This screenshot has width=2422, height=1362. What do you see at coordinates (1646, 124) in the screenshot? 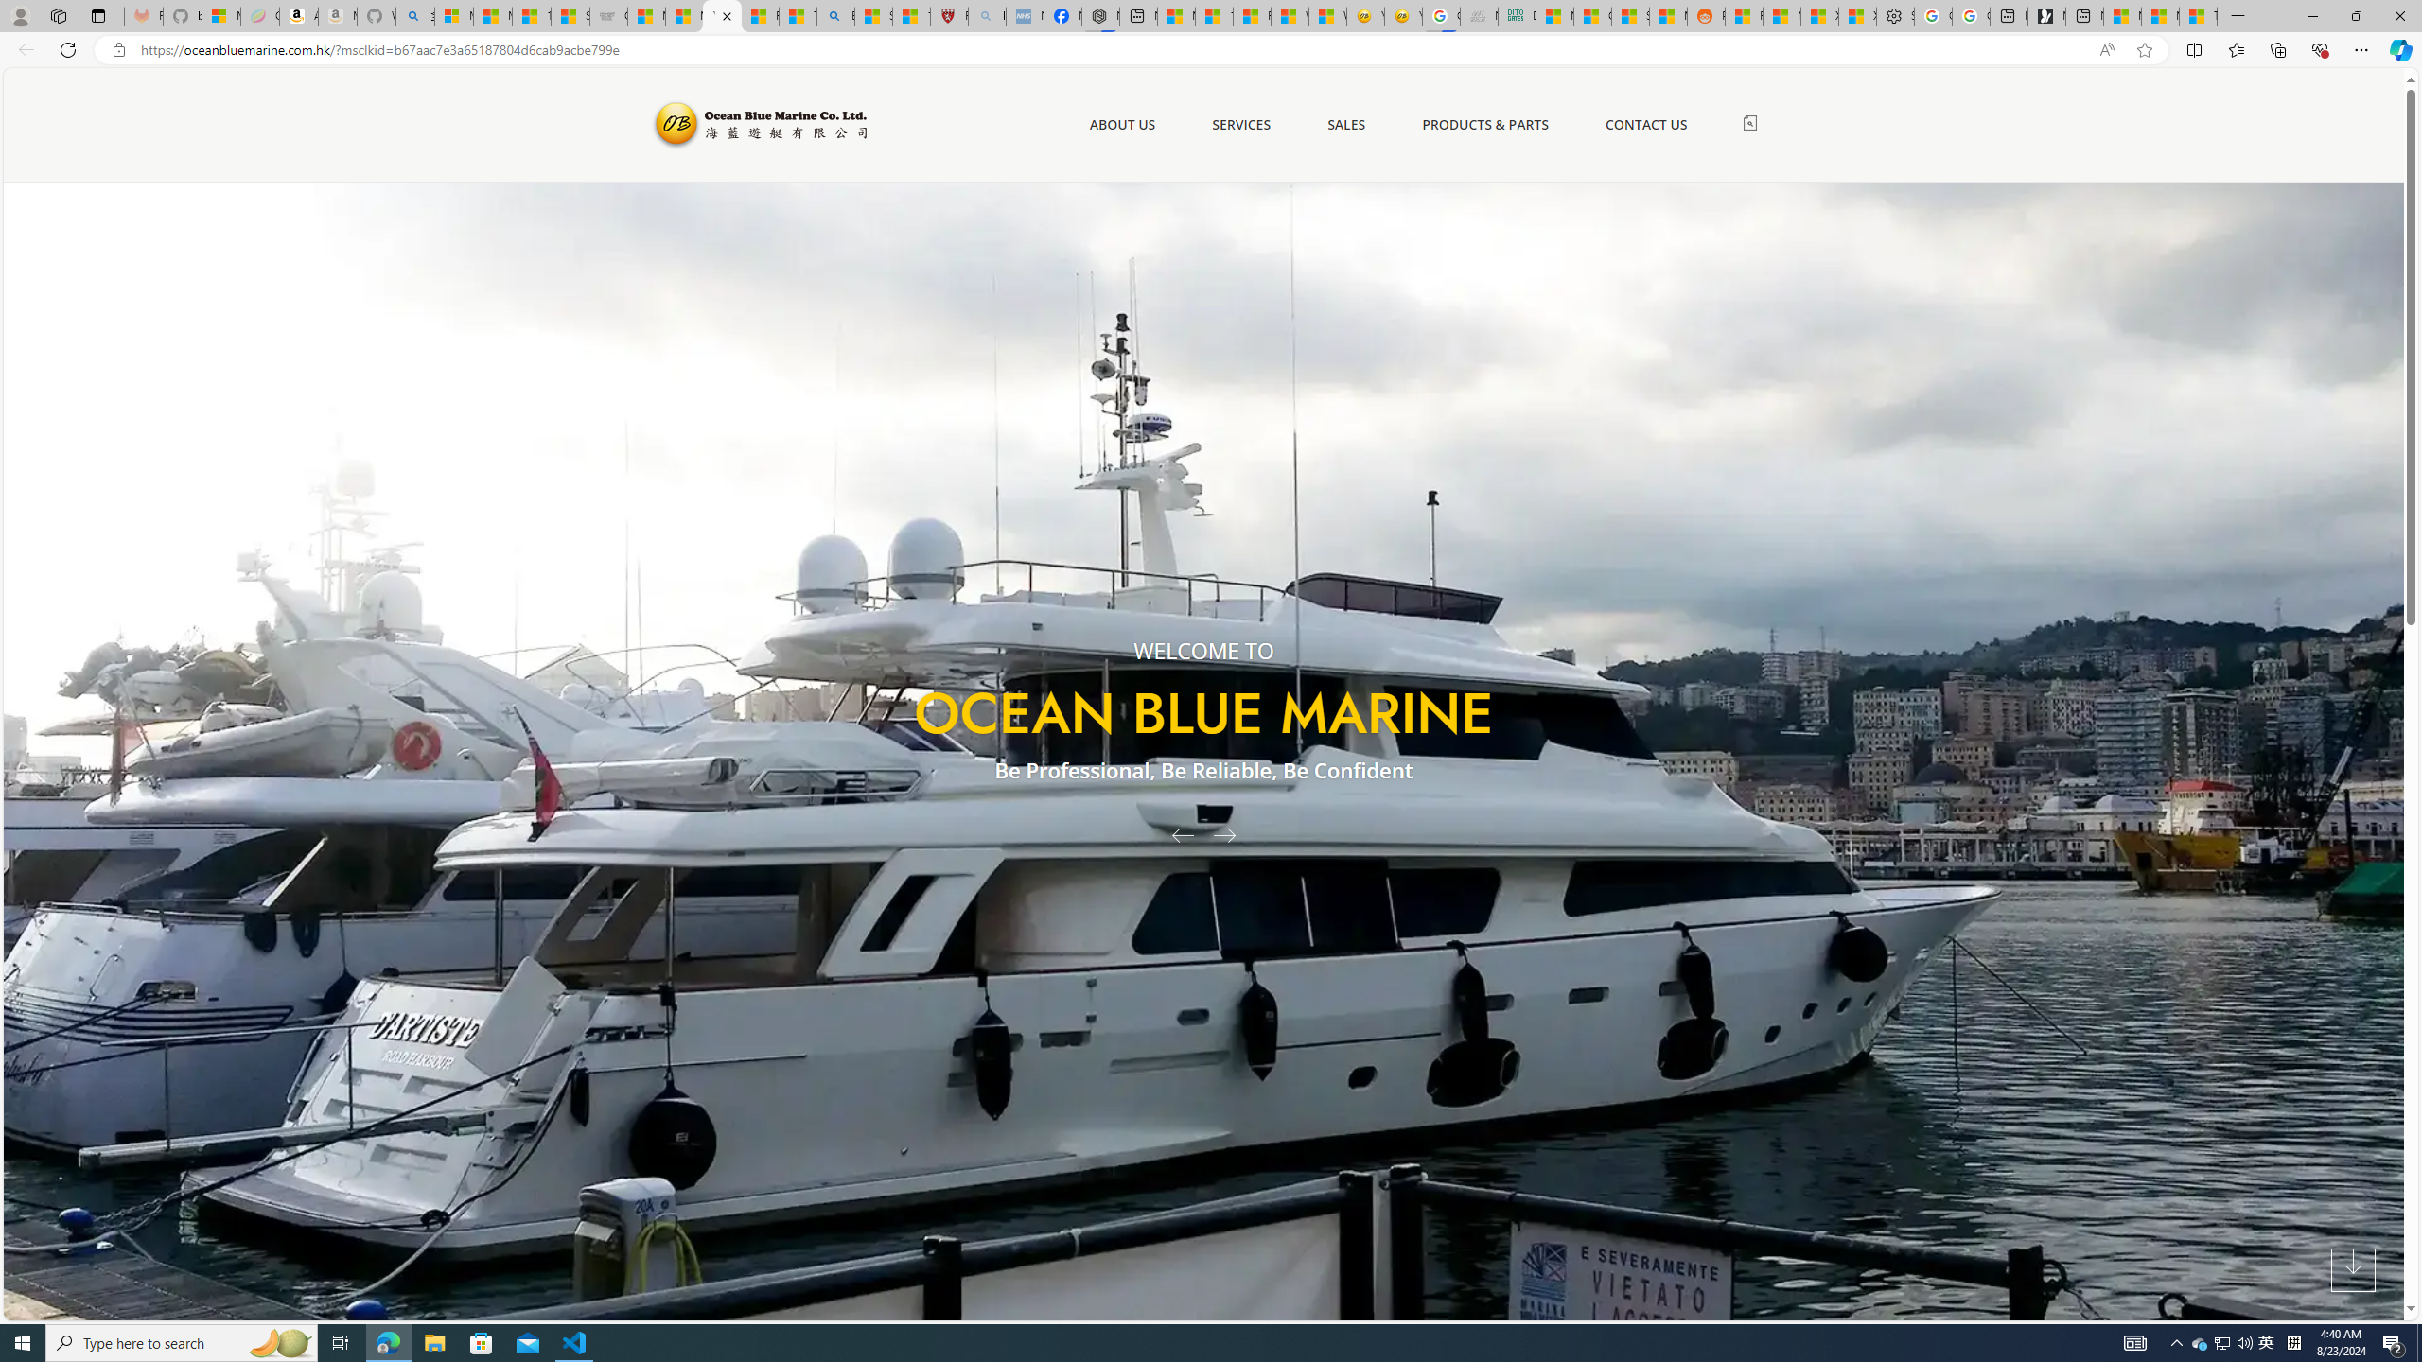
I see `'CONTACT US'` at bounding box center [1646, 124].